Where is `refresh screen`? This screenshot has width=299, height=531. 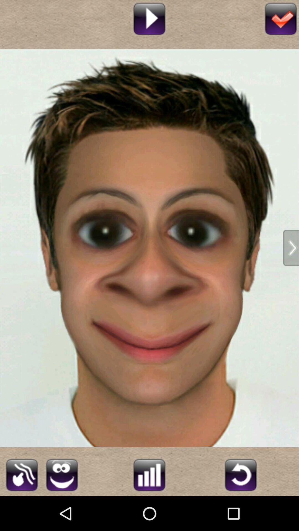
refresh screen is located at coordinates (240, 474).